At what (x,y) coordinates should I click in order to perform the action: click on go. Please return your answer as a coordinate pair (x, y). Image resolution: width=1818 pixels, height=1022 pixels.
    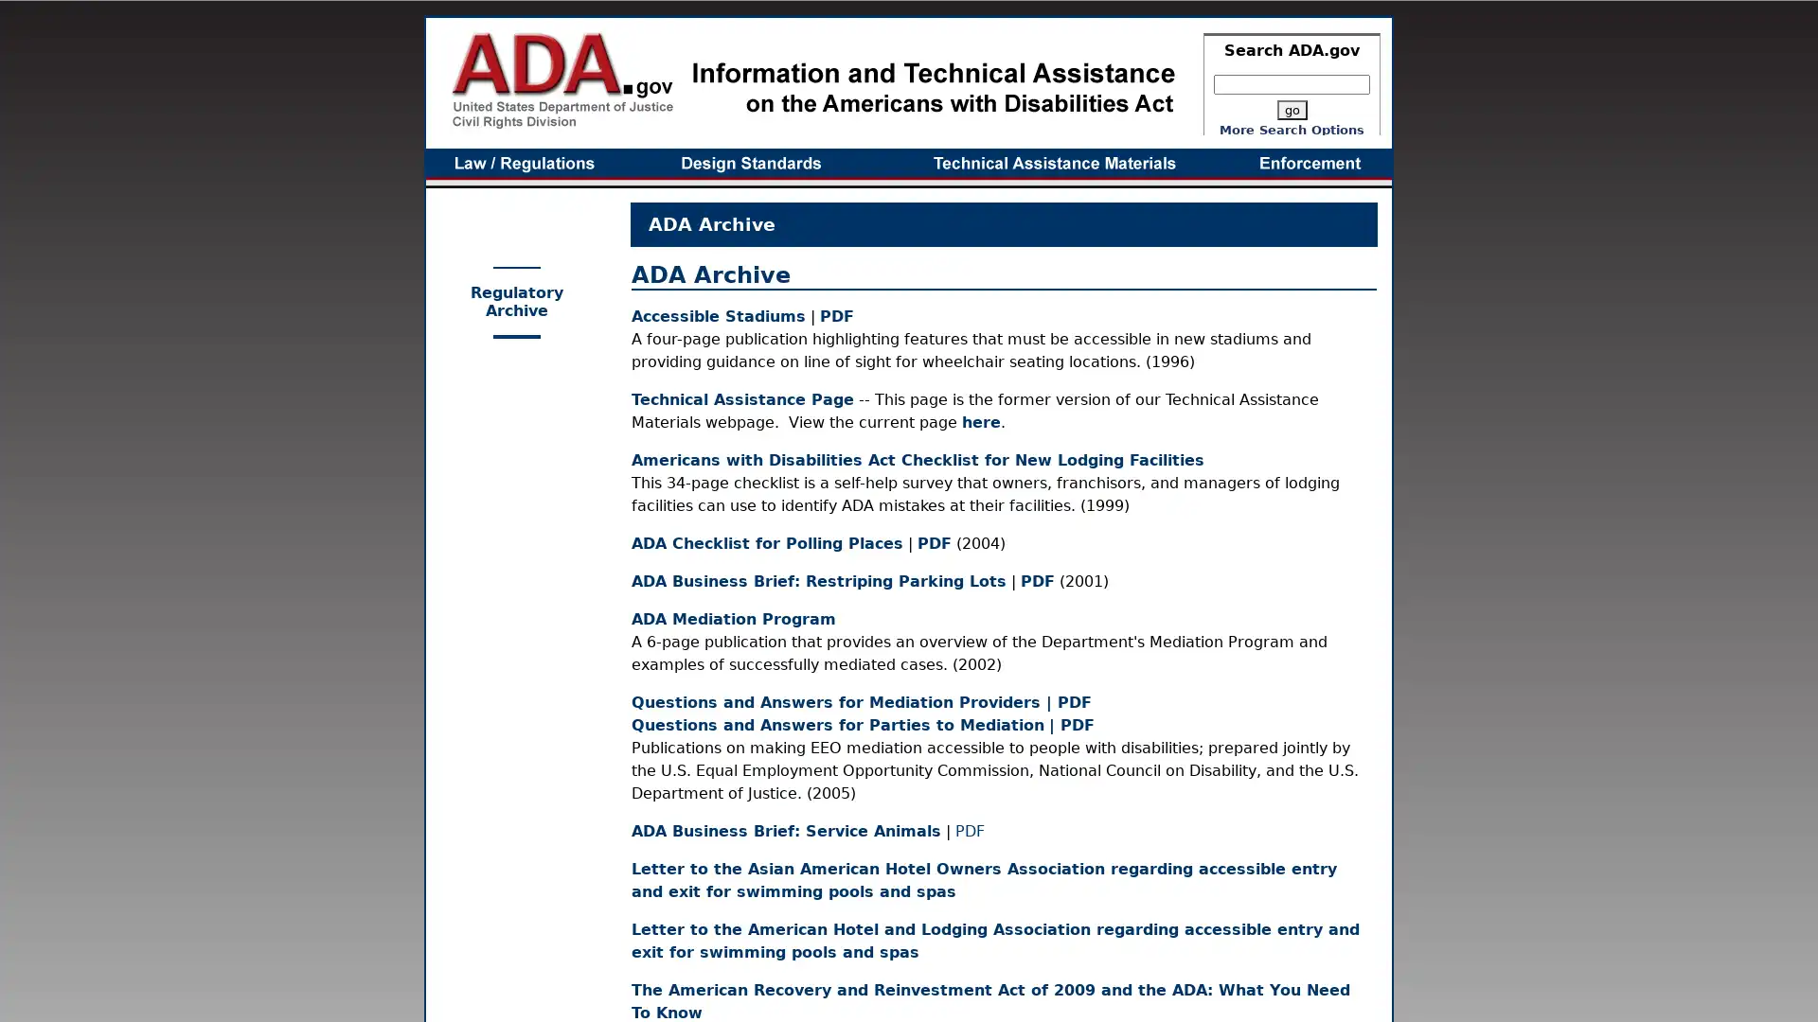
    Looking at the image, I should click on (1290, 110).